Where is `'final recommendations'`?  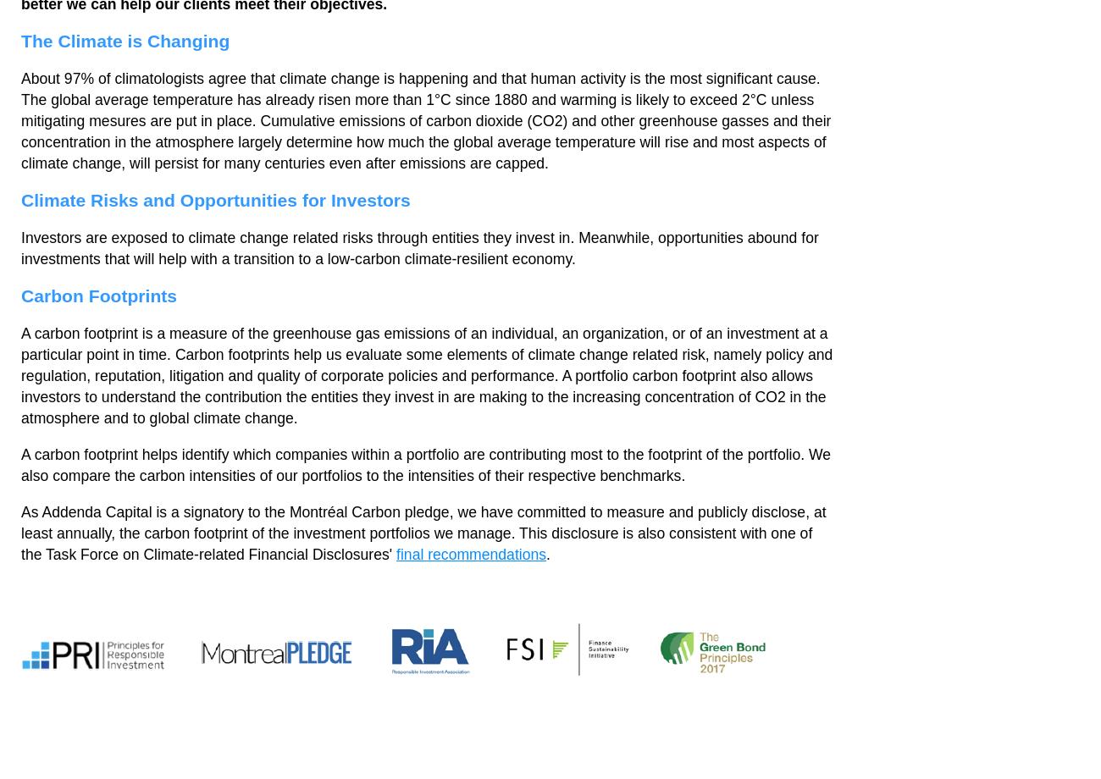 'final recommendations' is located at coordinates (396, 554).